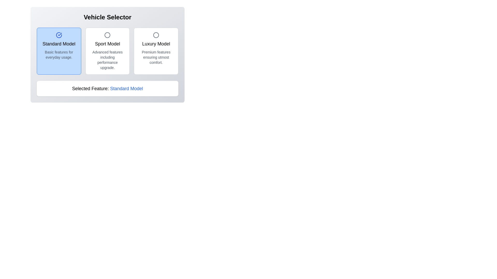 This screenshot has height=279, width=497. I want to click on the central Selector icon, which is filled with a neutral color and part of the Sport Model interface, so click(107, 35).